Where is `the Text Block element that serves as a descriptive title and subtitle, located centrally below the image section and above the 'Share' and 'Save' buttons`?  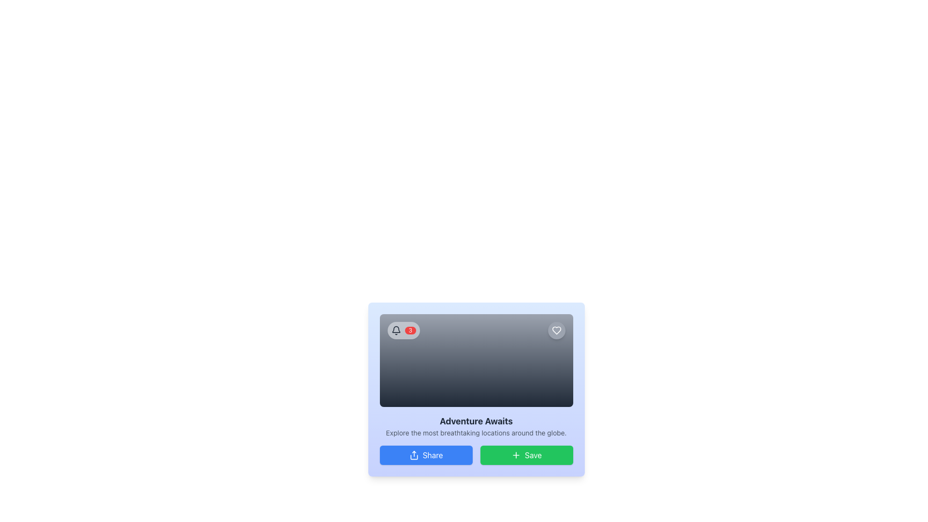 the Text Block element that serves as a descriptive title and subtitle, located centrally below the image section and above the 'Share' and 'Save' buttons is located at coordinates (476, 426).